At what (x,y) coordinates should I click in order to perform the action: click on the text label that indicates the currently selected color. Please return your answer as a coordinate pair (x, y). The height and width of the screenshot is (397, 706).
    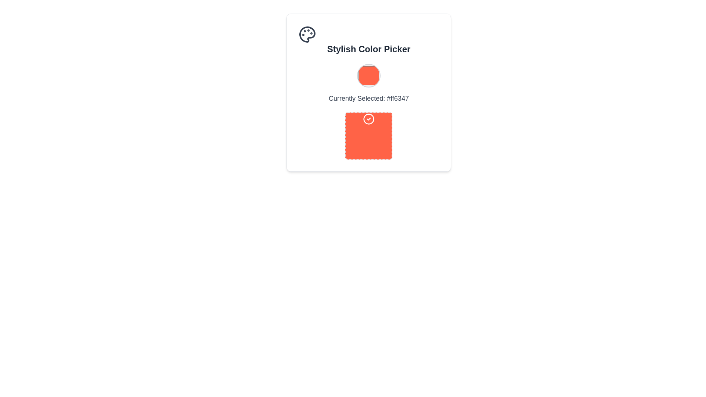
    Looking at the image, I should click on (369, 112).